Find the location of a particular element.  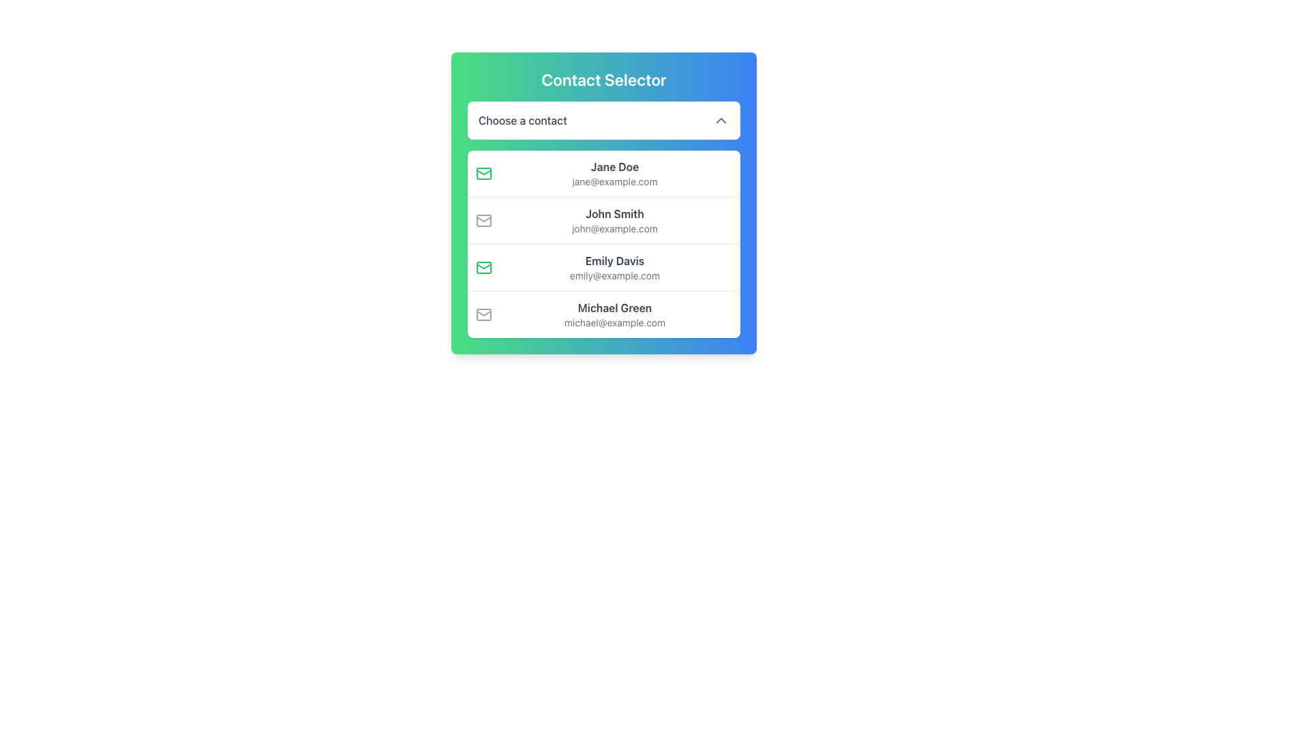

the chevron-down icon that expands or collapses the associated drop-down menu in the 'Choose a contact' selection bar is located at coordinates (720, 120).